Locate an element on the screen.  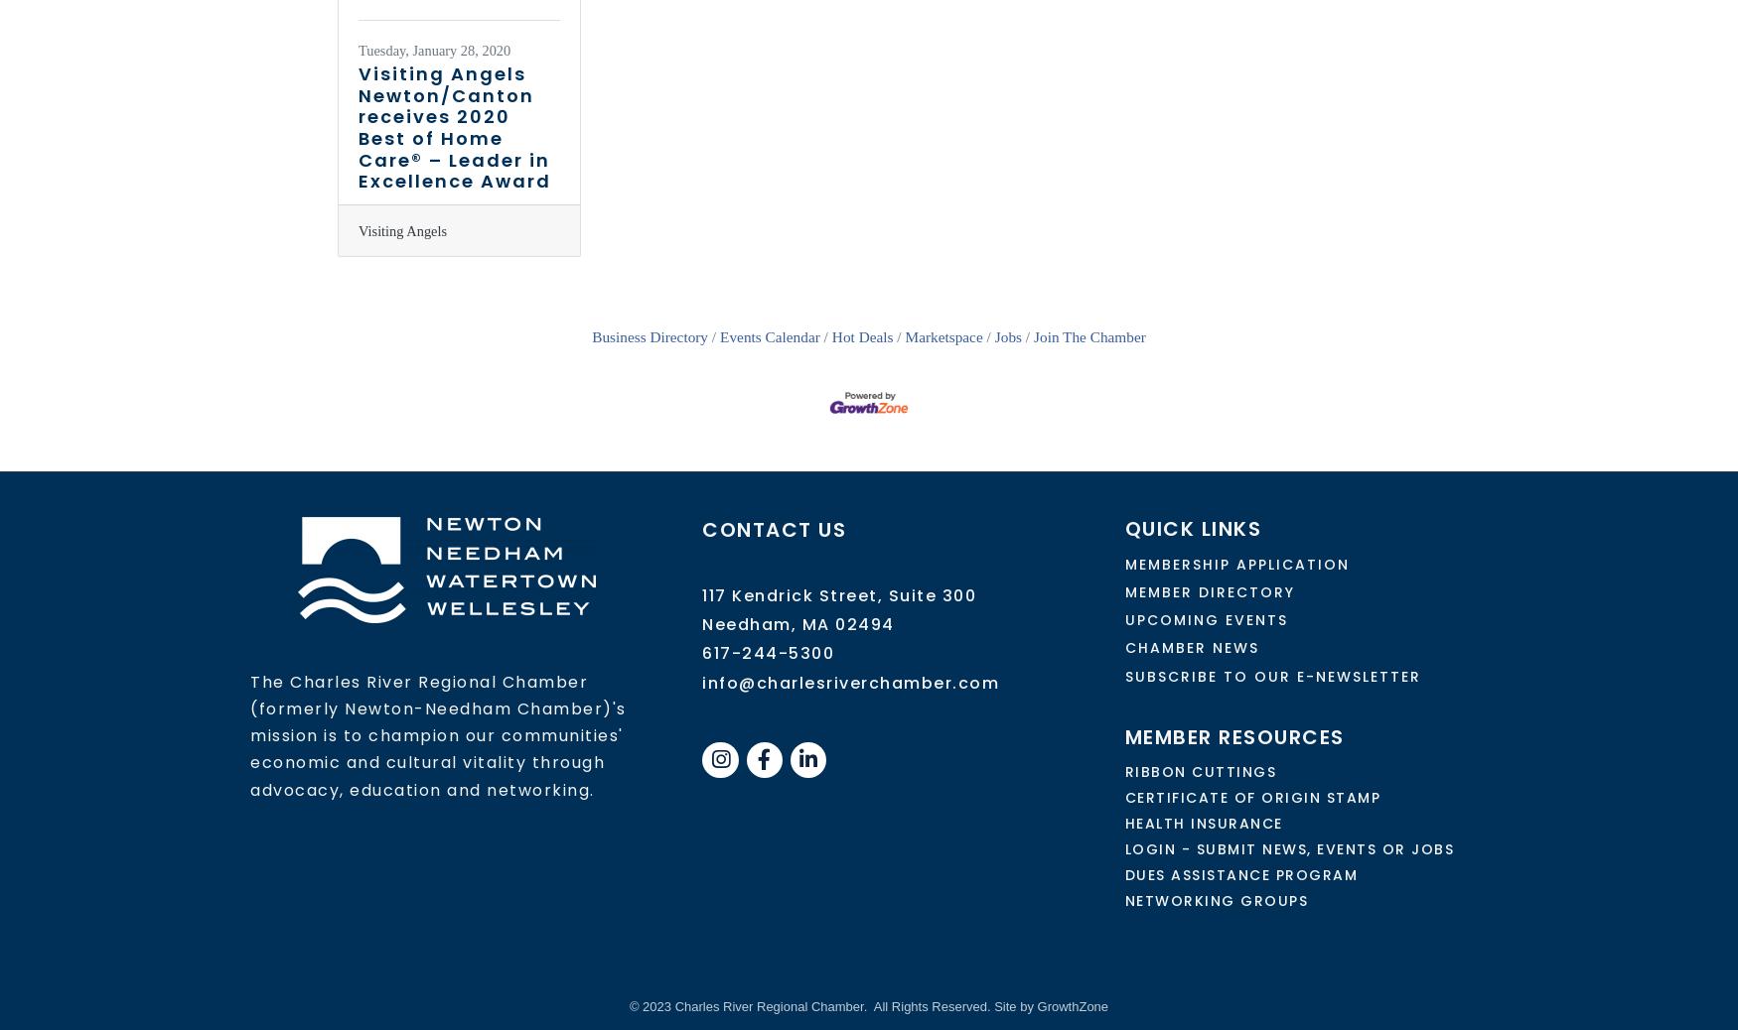
'health insurance' is located at coordinates (1203, 823).